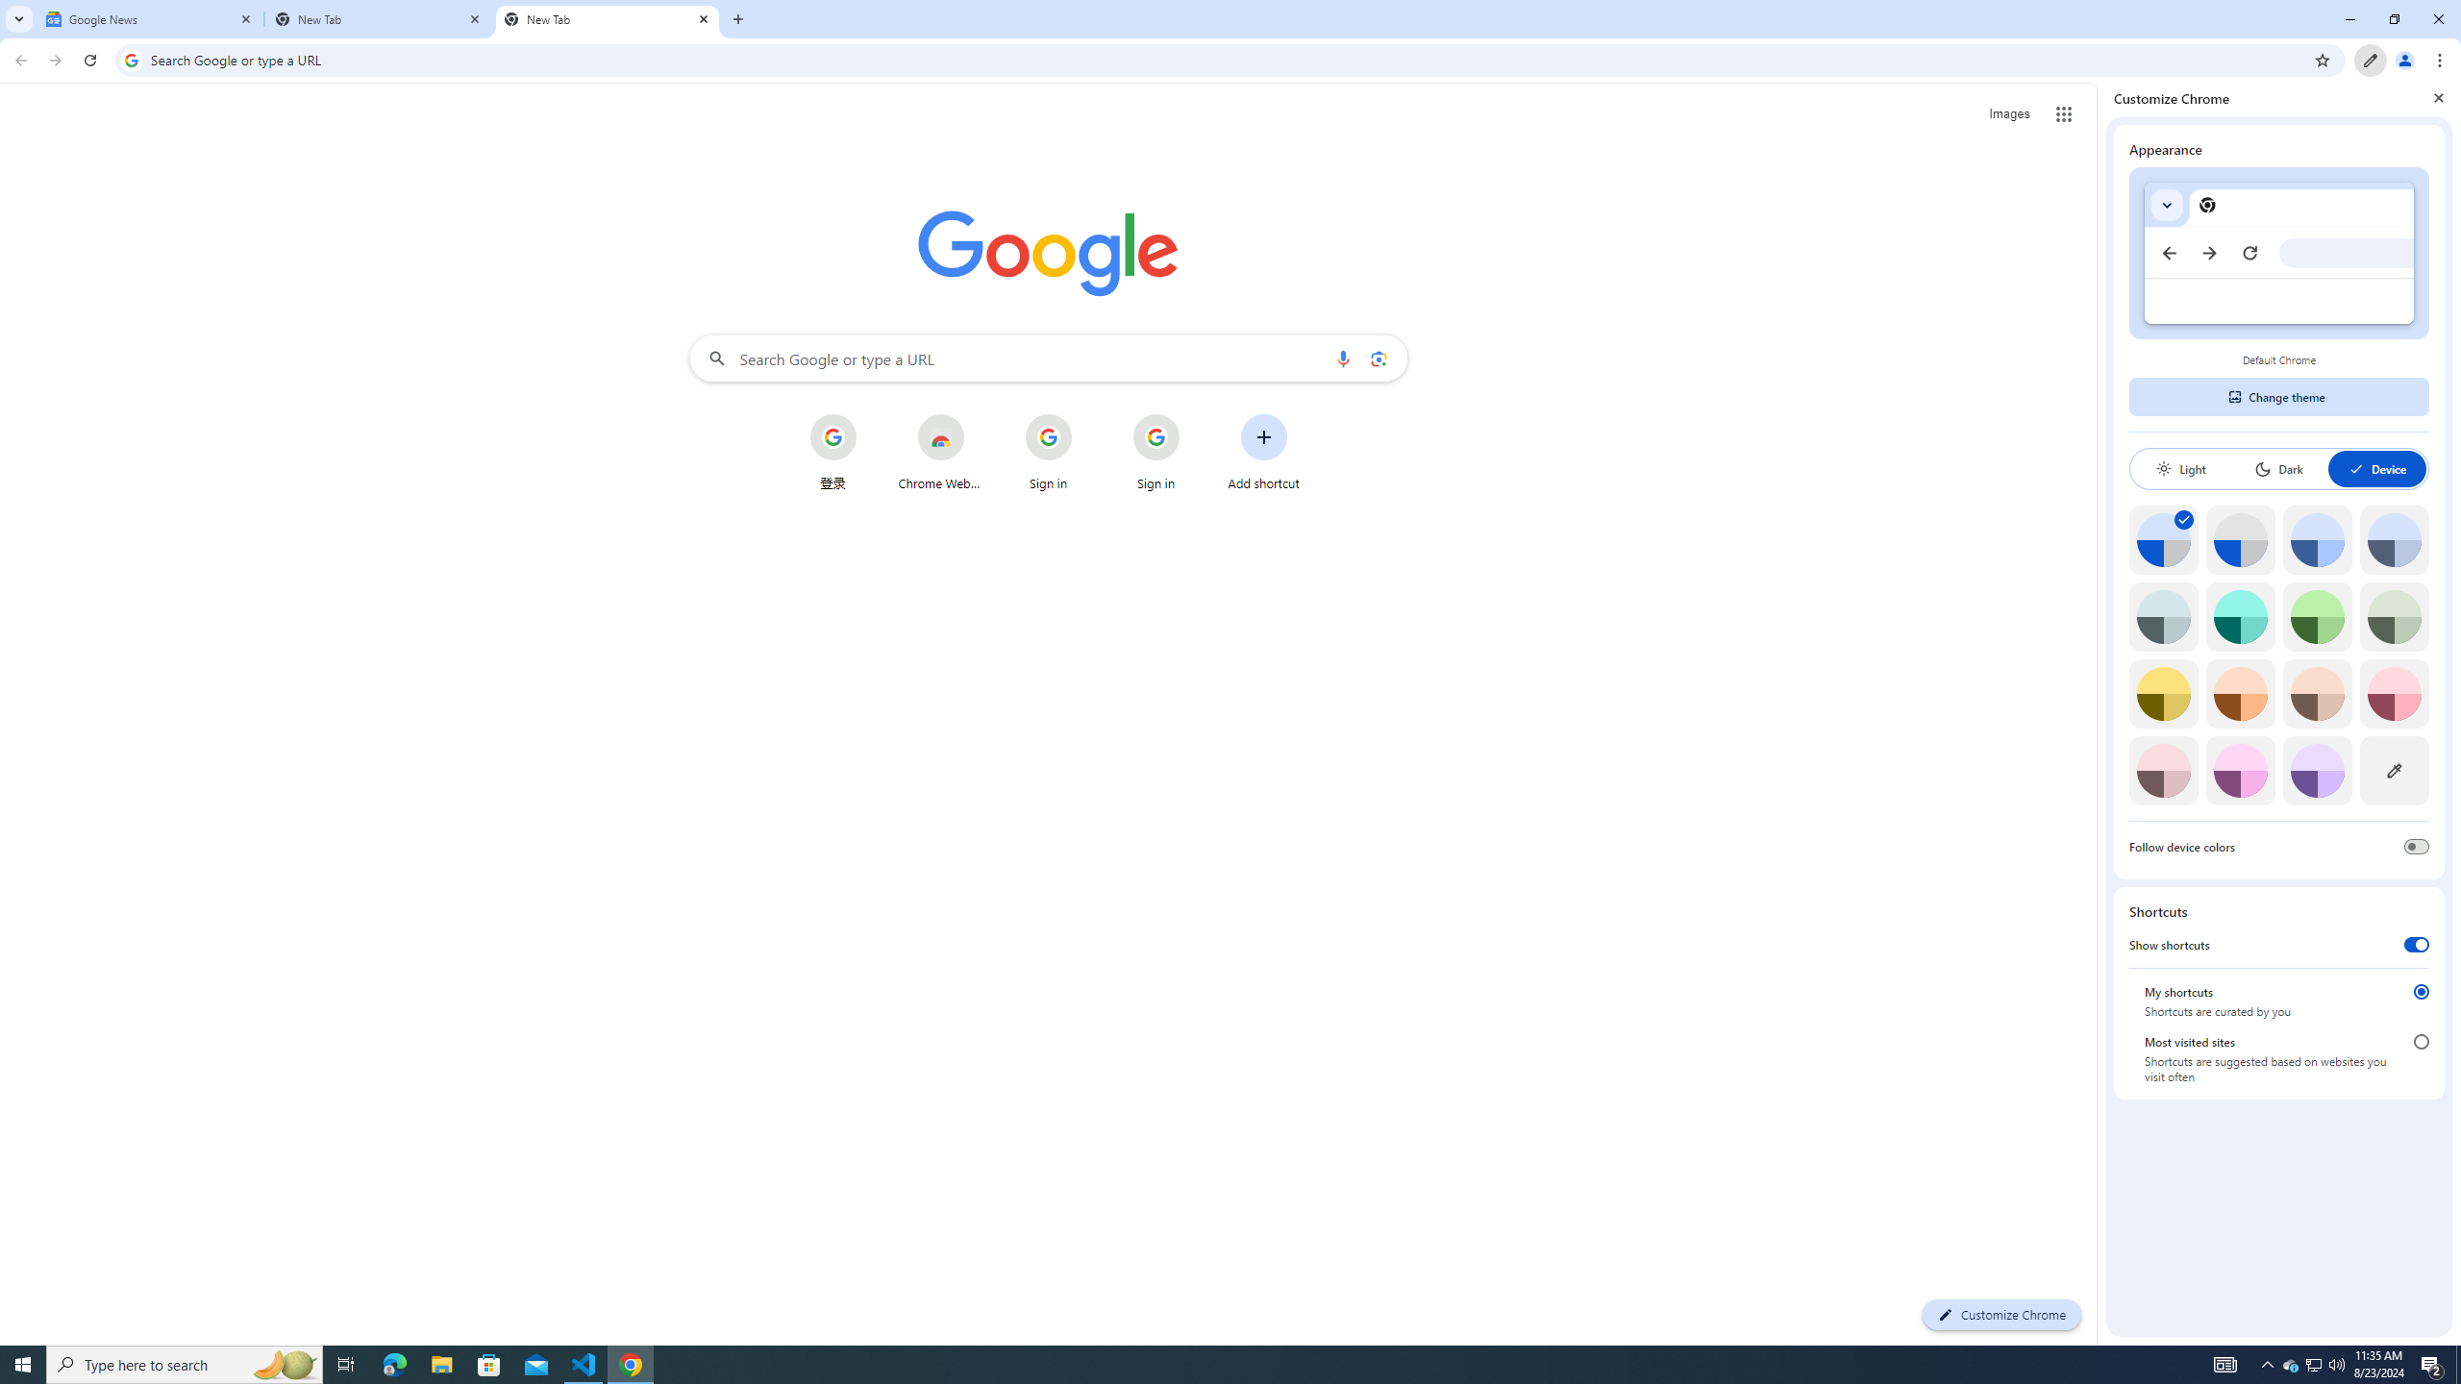 This screenshot has width=2461, height=1384. Describe the element at coordinates (2375, 468) in the screenshot. I see `'Device'` at that location.